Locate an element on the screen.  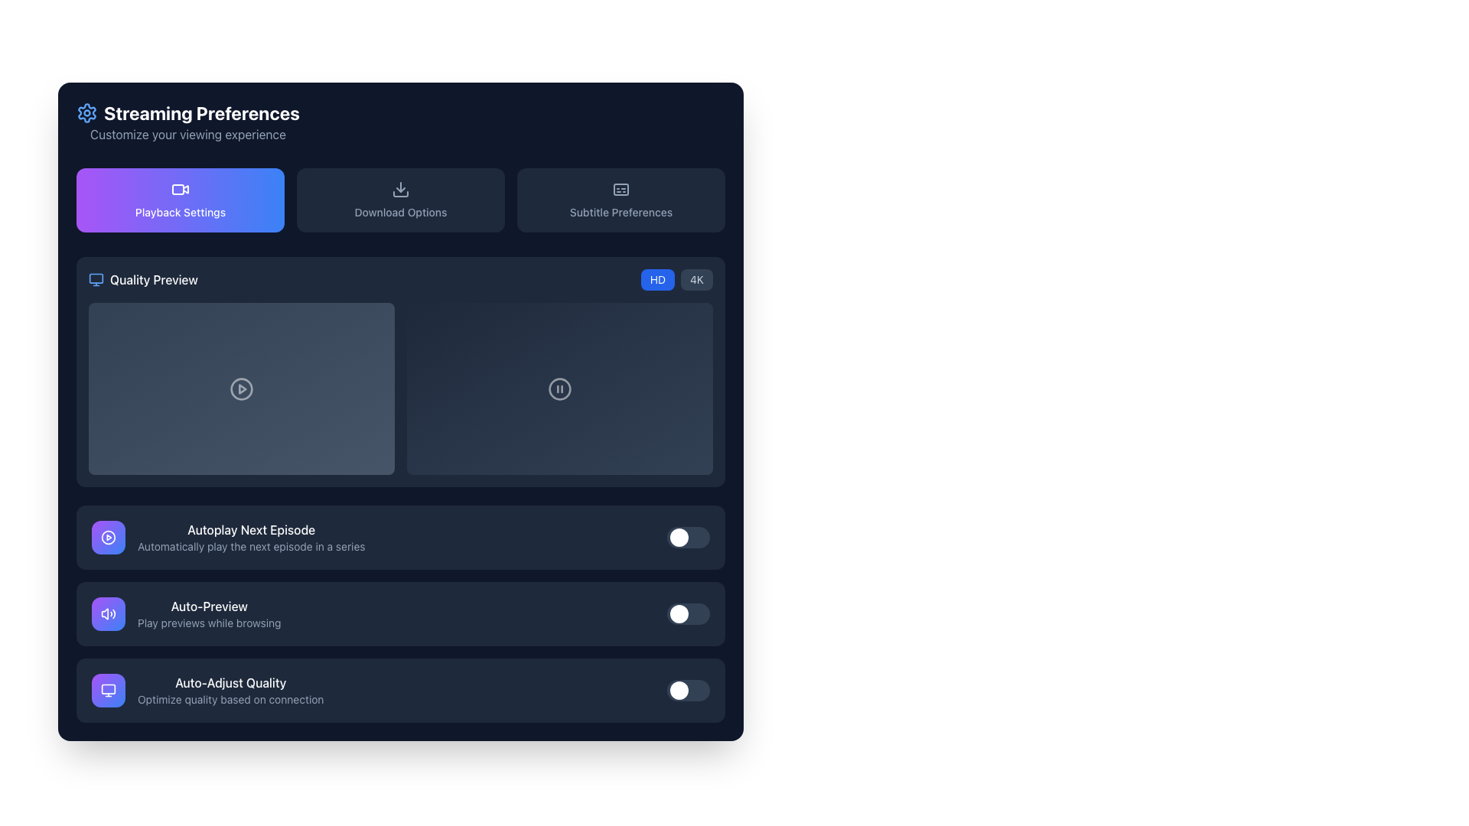
the rectangular badge with a blue background and rounded corners containing the text 'HD' in white, located in the upper-right area of the interface near the 'Quality Preview' section is located at coordinates (657, 280).